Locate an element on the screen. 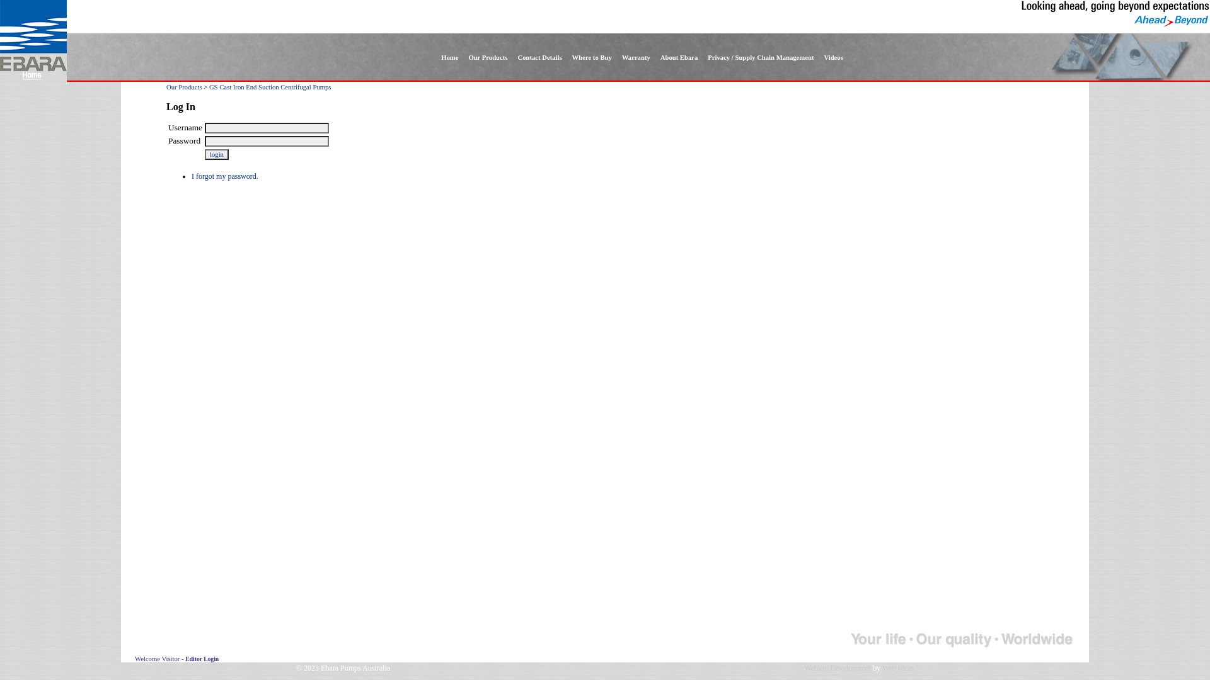 This screenshot has height=680, width=1210. 'I forgot my password.' is located at coordinates (224, 176).